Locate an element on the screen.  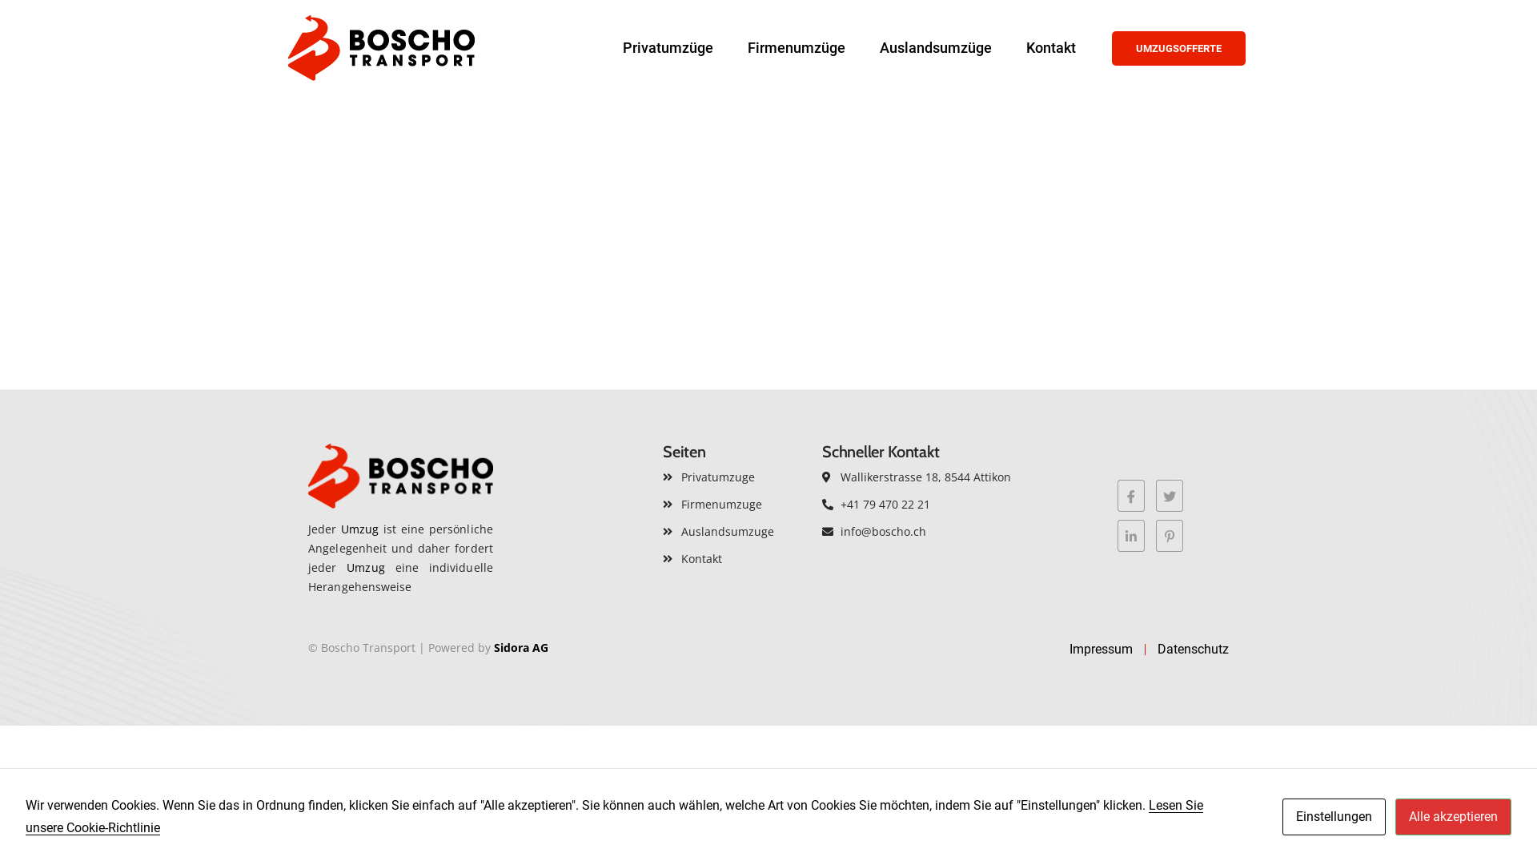
'Impressum' is located at coordinates (1100, 649).